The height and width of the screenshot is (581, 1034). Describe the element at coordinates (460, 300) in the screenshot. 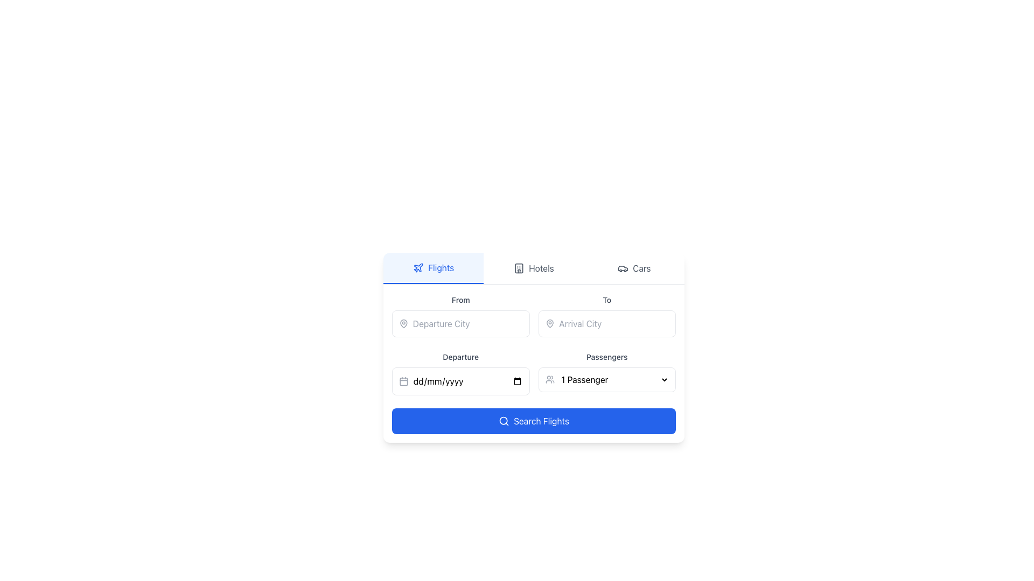

I see `the 'From' label, which is a small gray text label positioned at the top-left corner of the flight search widget above the 'Departure City' input box` at that location.